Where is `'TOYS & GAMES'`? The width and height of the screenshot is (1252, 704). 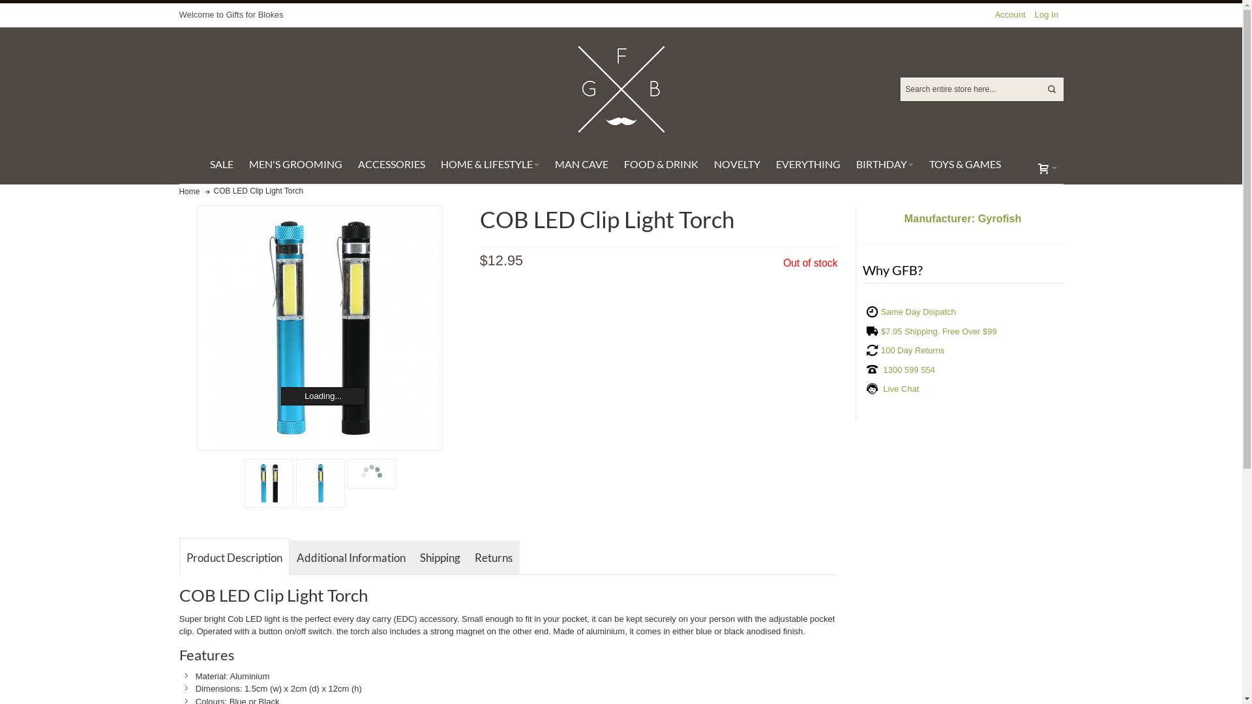
'TOYS & GAMES' is located at coordinates (964, 163).